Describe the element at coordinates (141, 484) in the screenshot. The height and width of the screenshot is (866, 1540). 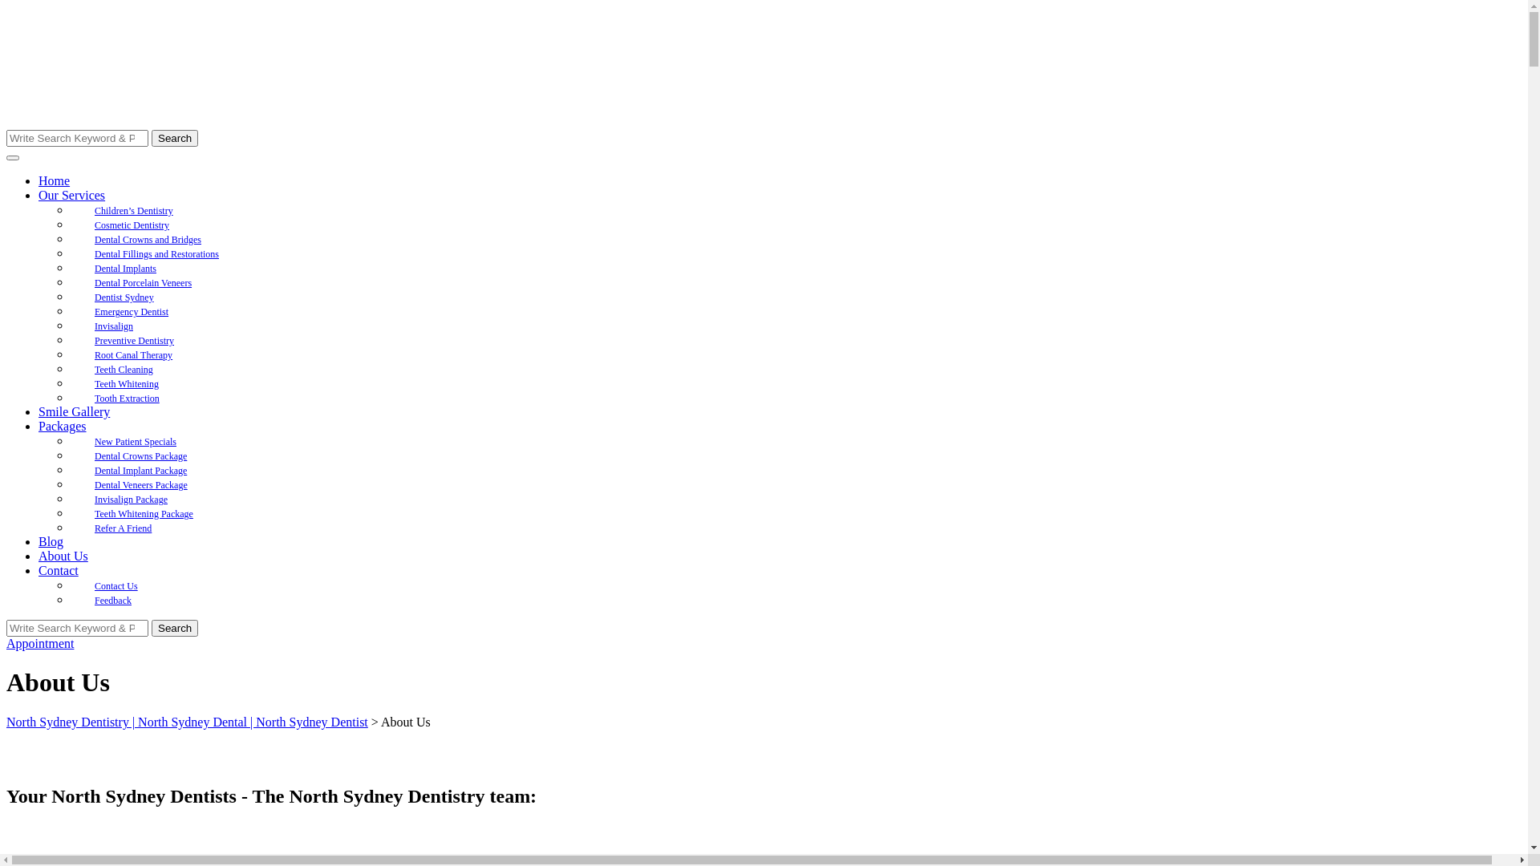
I see `'Dental Veneers Package'` at that location.